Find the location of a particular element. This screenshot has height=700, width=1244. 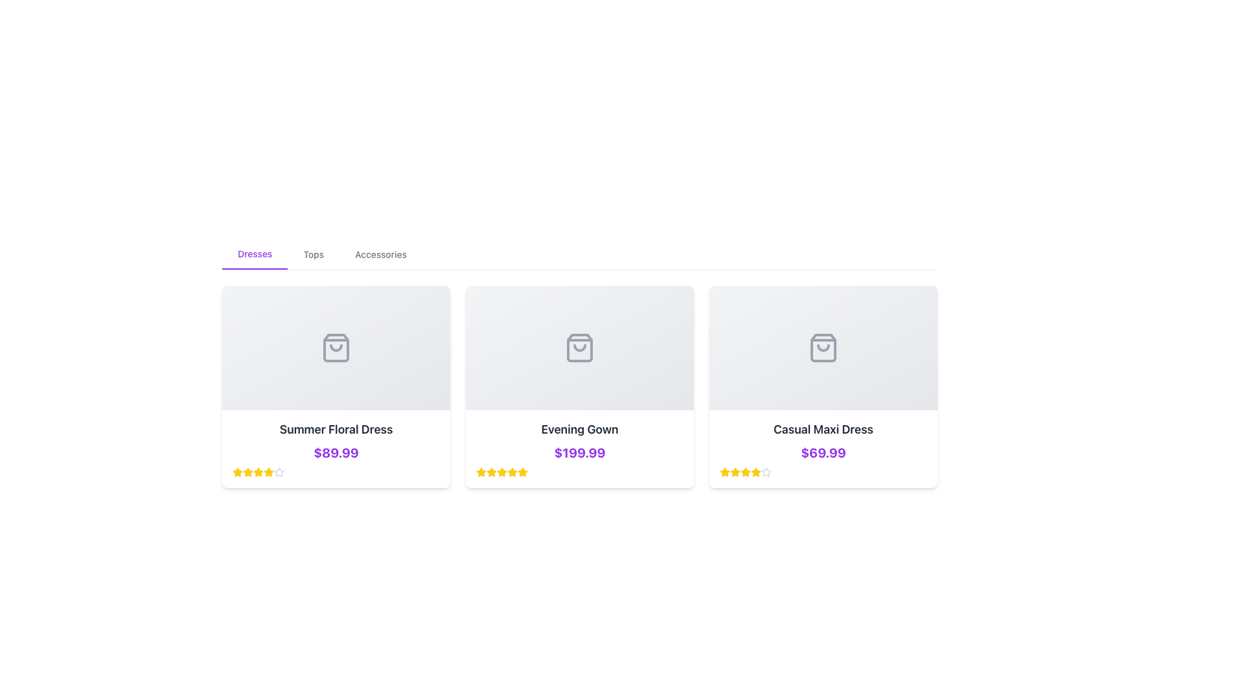

the first decorative yellow star icon in the rating system below the 'Casual Maxi Dress' card is located at coordinates (724, 472).